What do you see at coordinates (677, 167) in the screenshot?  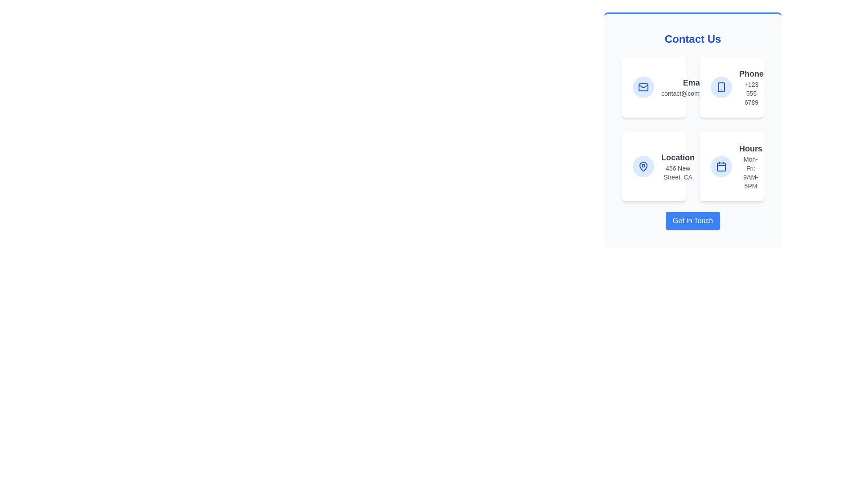 I see `the address information text label located in the bottom-left area of the grid layout under the 'Contact Us' heading` at bounding box center [677, 167].